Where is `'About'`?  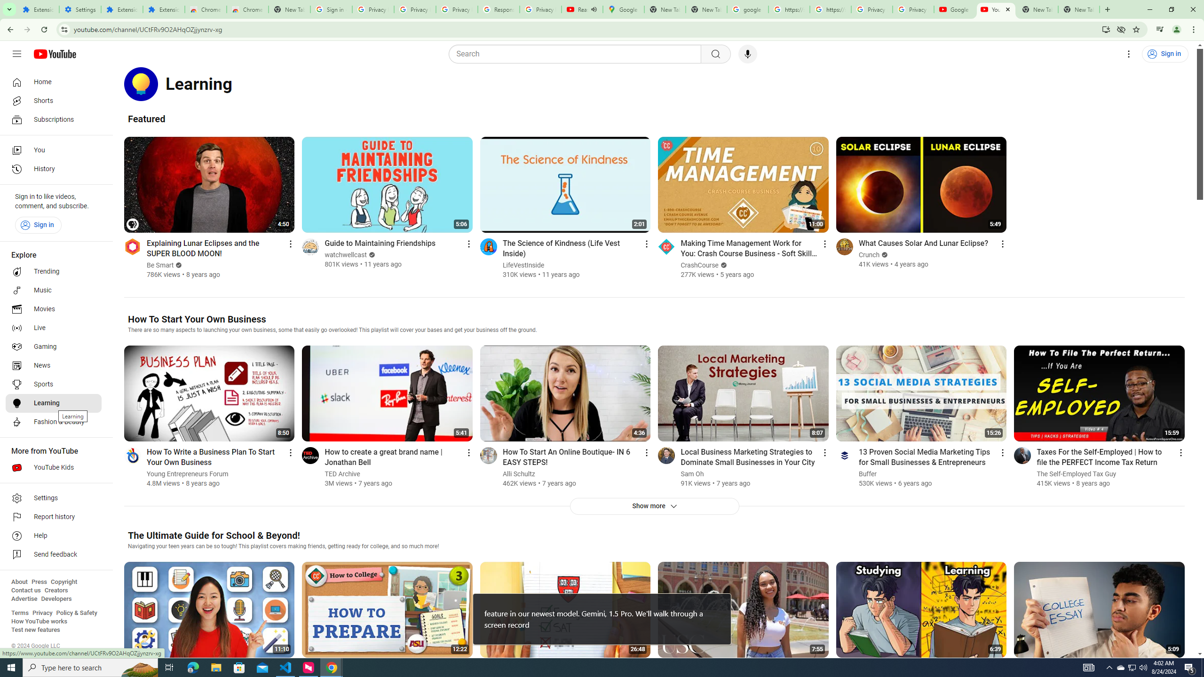
'About' is located at coordinates (19, 582).